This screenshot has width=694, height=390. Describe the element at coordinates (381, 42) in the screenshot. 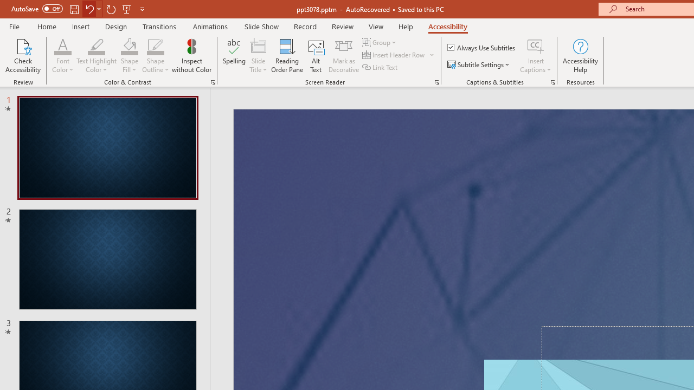

I see `'Group'` at that location.